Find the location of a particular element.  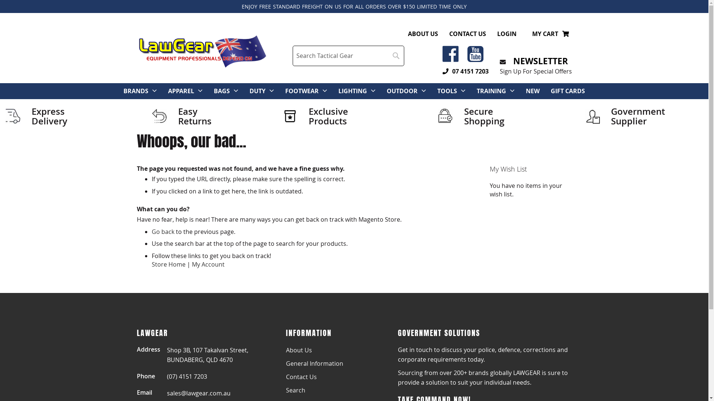

'NEW' is located at coordinates (525, 91).